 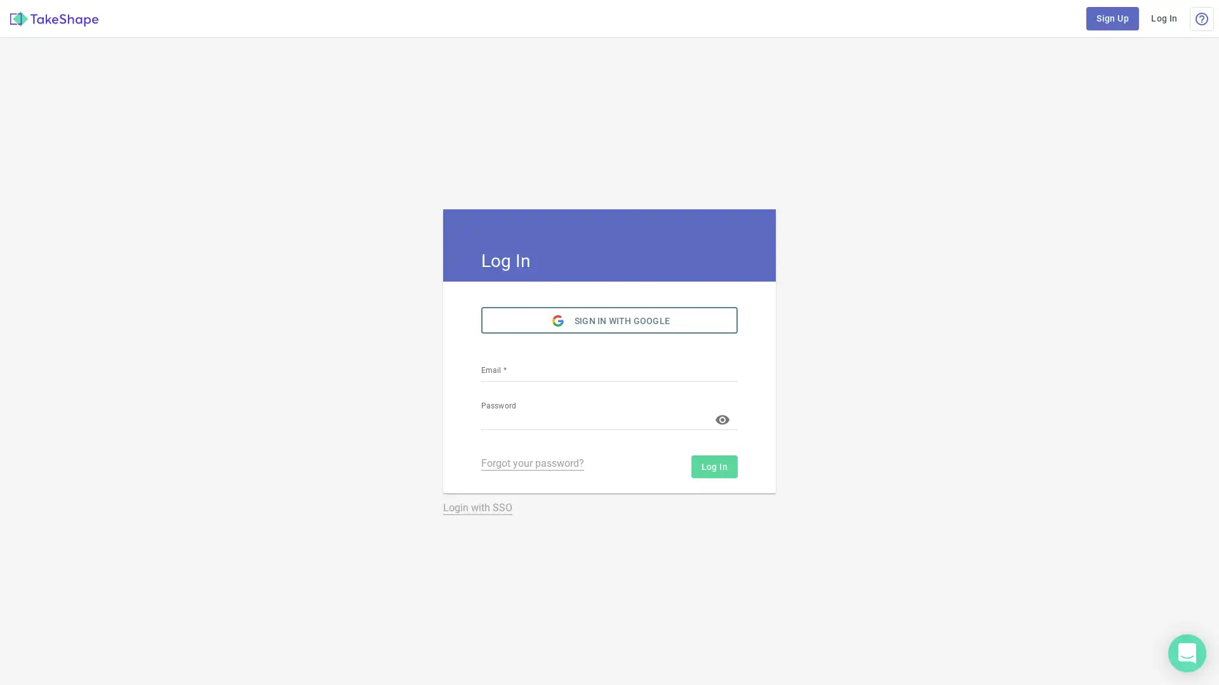 What do you see at coordinates (1112, 18) in the screenshot?
I see `Sign Up` at bounding box center [1112, 18].